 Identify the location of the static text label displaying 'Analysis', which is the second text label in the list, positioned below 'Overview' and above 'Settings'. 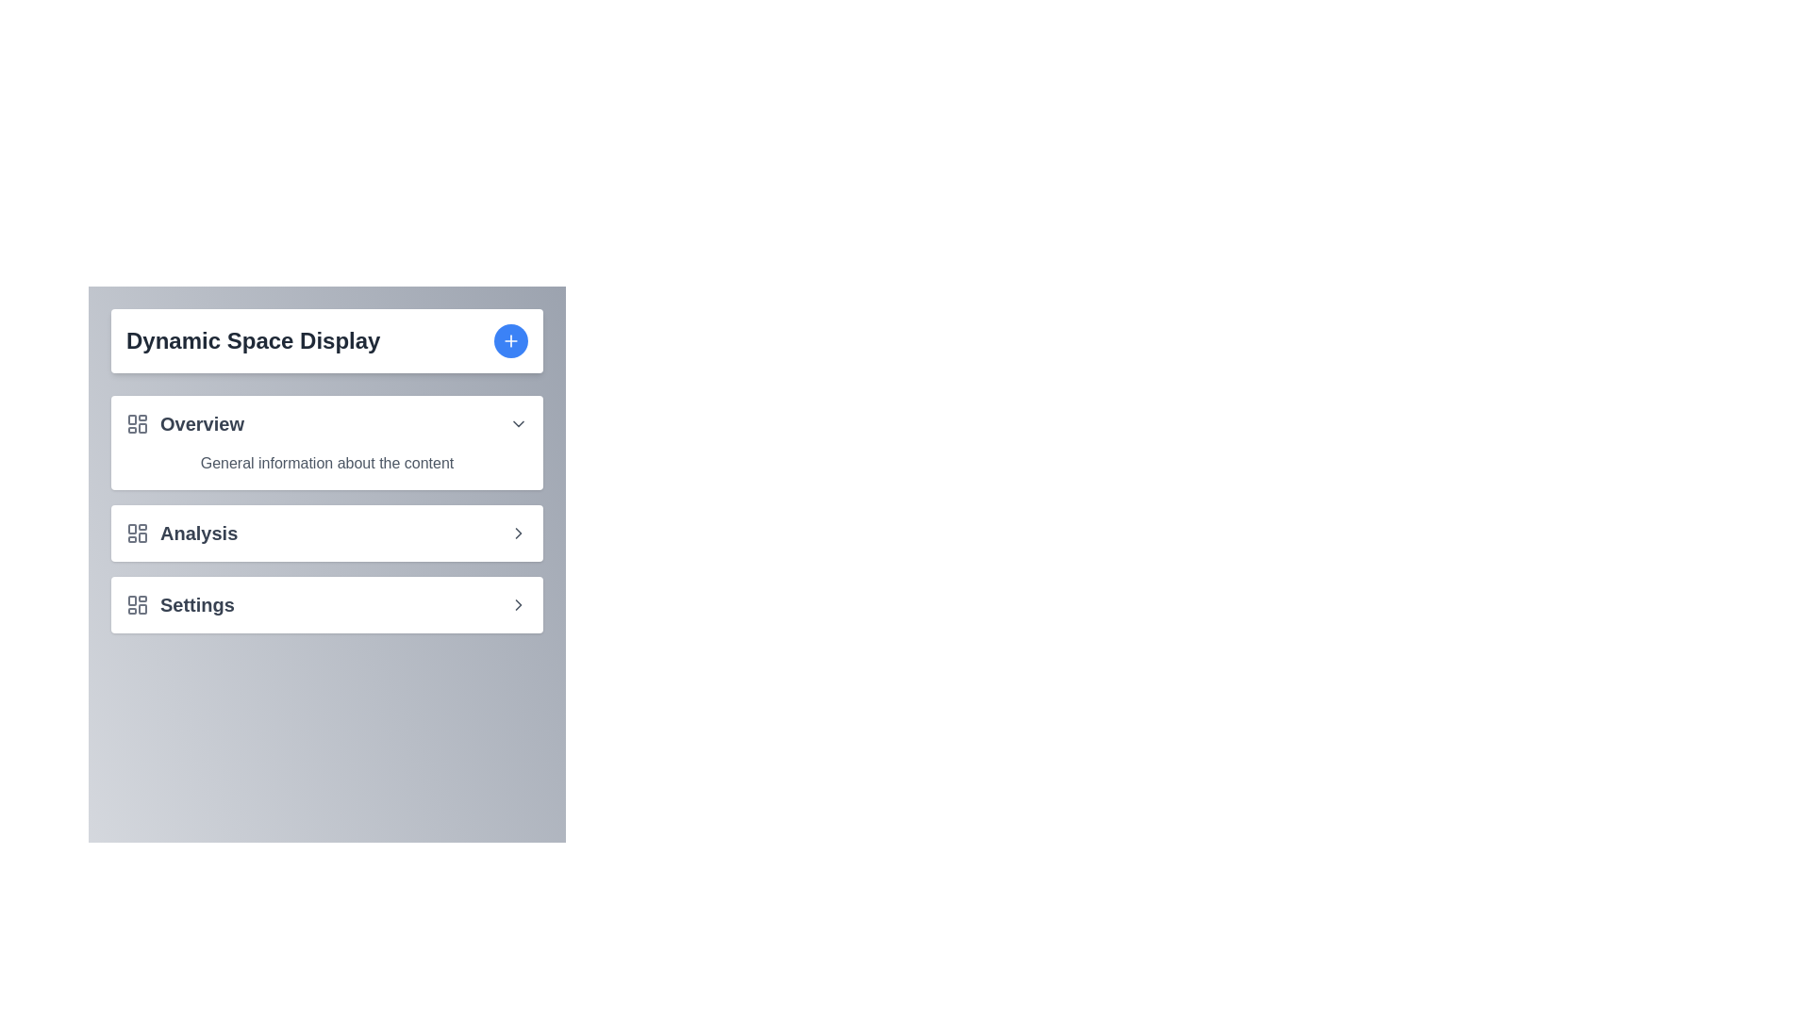
(199, 534).